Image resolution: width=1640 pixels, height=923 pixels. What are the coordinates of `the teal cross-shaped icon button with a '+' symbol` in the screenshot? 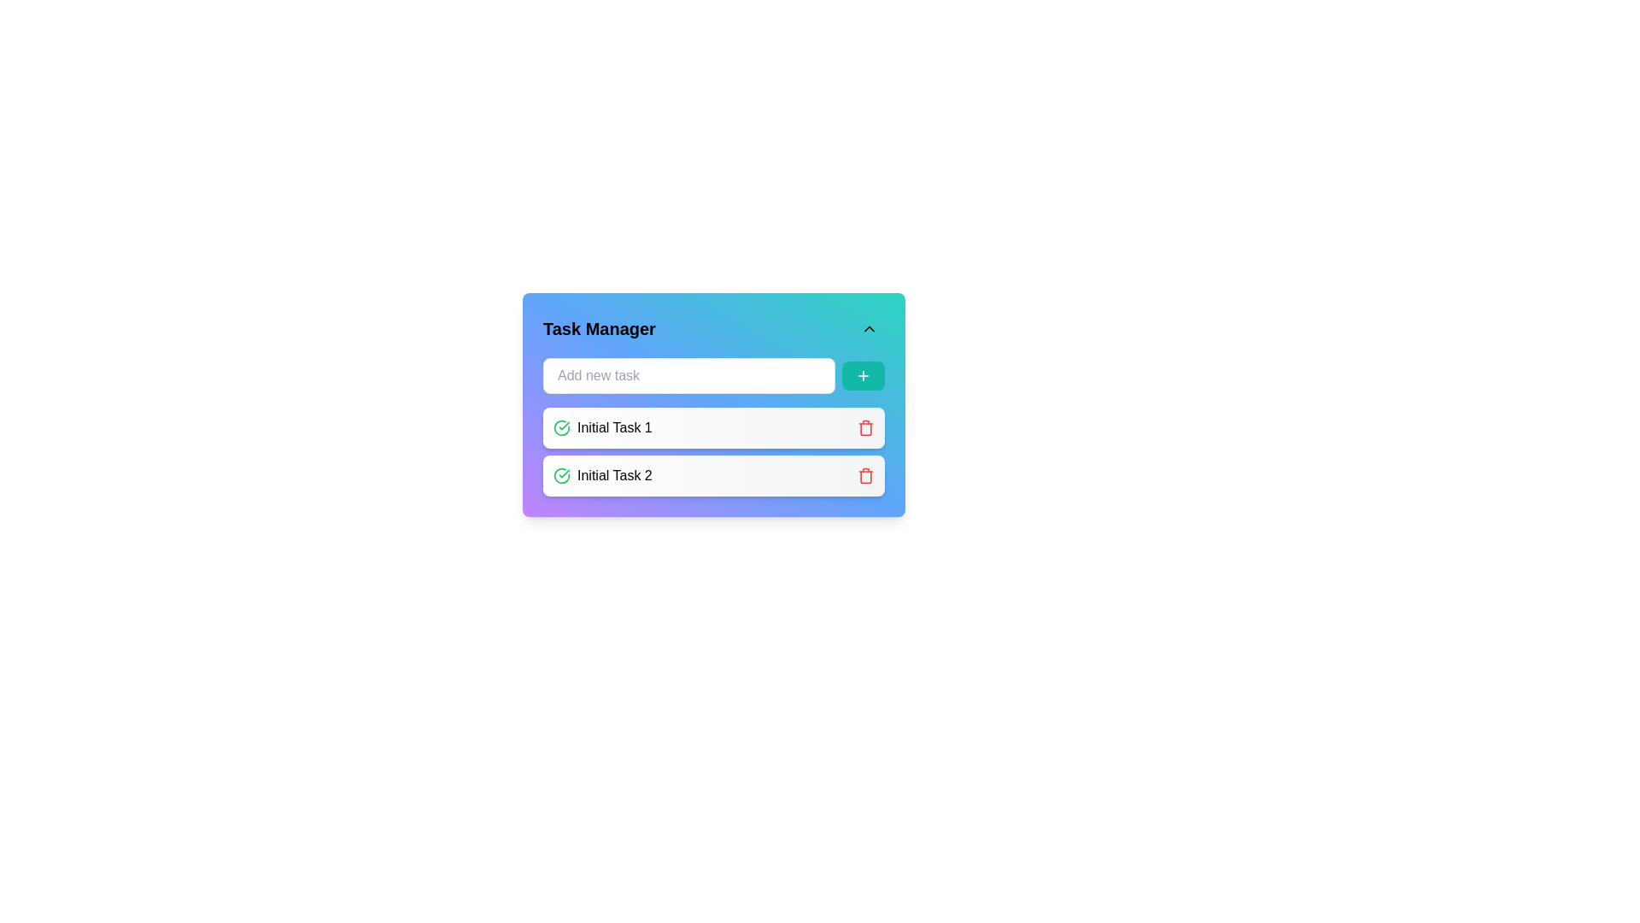 It's located at (864, 374).